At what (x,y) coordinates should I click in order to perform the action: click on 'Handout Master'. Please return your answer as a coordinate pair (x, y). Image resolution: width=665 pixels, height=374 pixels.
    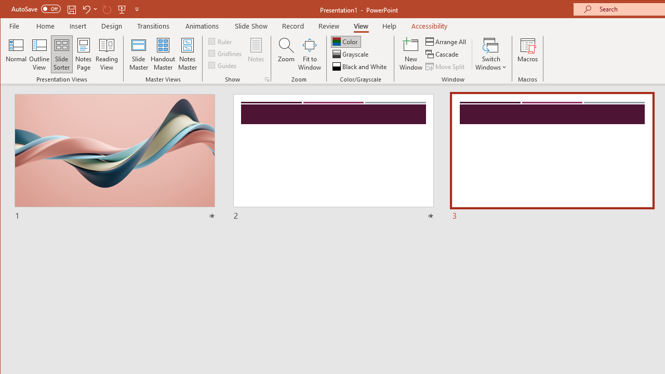
    Looking at the image, I should click on (163, 54).